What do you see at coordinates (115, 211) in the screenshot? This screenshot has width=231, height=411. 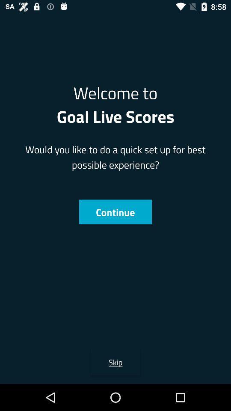 I see `the continue item` at bounding box center [115, 211].